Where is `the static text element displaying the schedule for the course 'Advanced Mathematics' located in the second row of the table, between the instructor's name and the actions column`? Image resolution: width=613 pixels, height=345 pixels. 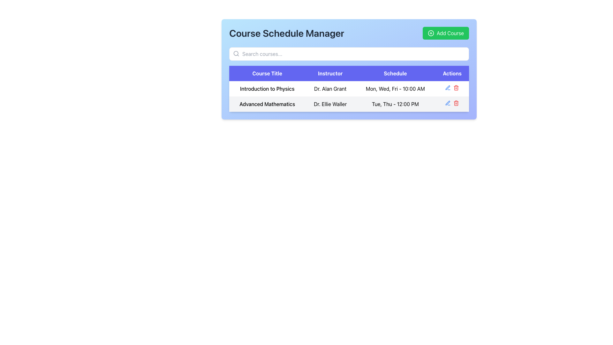
the static text element displaying the schedule for the course 'Advanced Mathematics' located in the second row of the table, between the instructor's name and the actions column is located at coordinates (395, 104).